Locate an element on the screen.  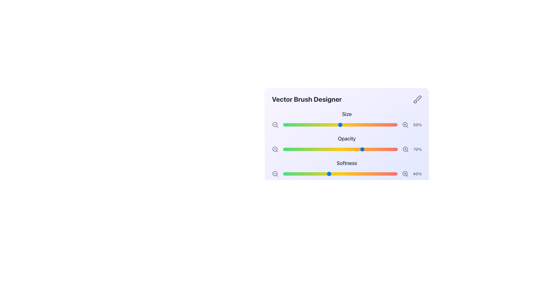
the softness level is located at coordinates (383, 174).